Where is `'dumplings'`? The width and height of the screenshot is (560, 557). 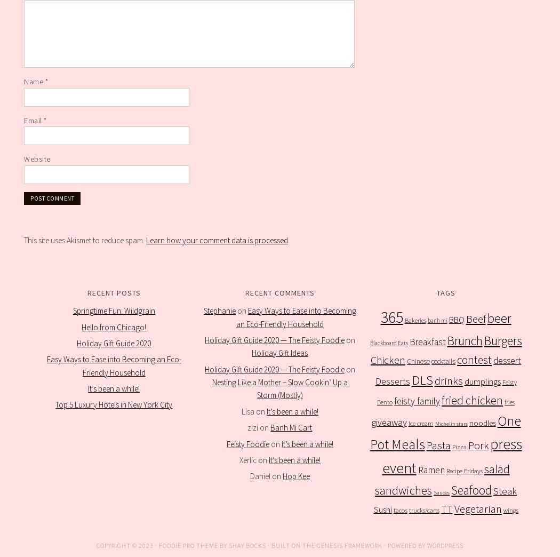
'dumplings' is located at coordinates (463, 380).